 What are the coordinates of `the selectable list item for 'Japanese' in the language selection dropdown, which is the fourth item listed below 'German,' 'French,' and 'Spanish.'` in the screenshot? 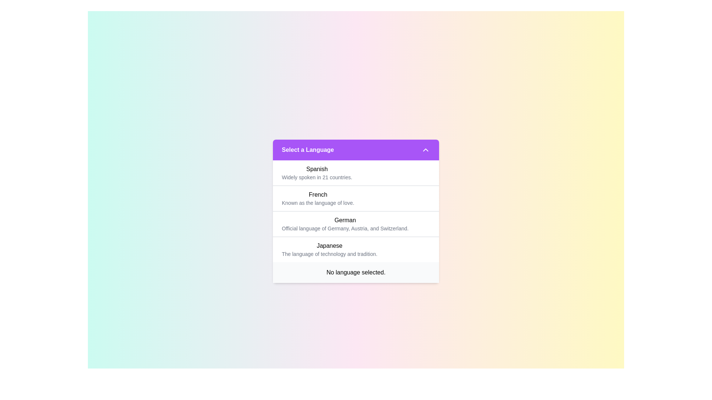 It's located at (356, 249).